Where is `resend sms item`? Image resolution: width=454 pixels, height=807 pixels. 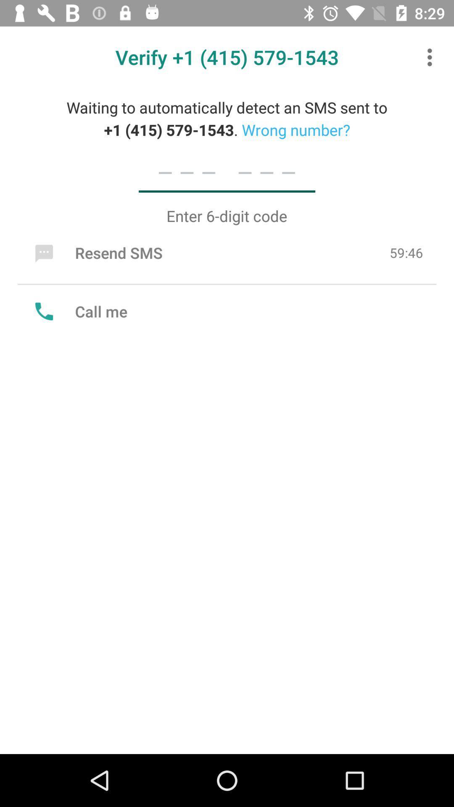 resend sms item is located at coordinates (96, 252).